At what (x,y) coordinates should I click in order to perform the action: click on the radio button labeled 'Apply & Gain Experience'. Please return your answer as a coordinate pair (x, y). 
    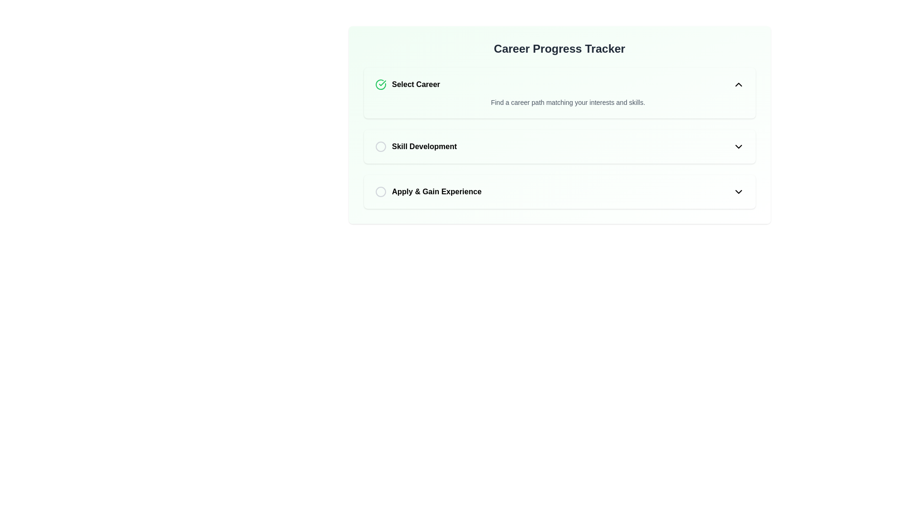
    Looking at the image, I should click on (428, 191).